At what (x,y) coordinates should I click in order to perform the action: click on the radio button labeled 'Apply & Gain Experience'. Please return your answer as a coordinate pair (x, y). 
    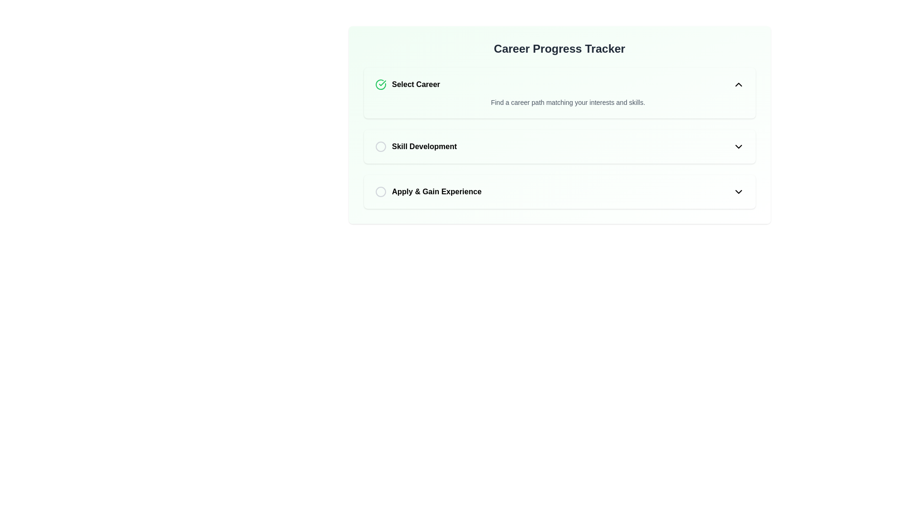
    Looking at the image, I should click on (428, 191).